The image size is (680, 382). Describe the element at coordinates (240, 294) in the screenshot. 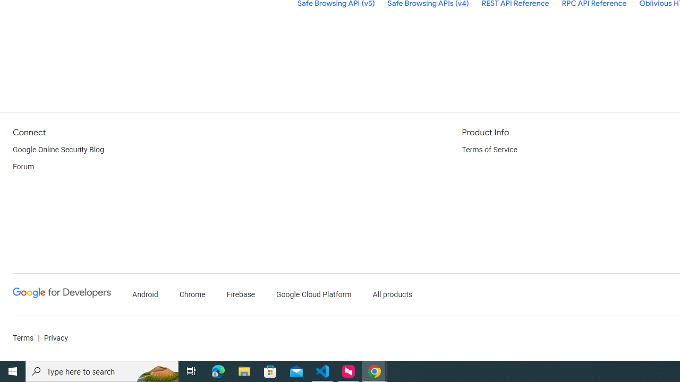

I see `'Firebase'` at that location.